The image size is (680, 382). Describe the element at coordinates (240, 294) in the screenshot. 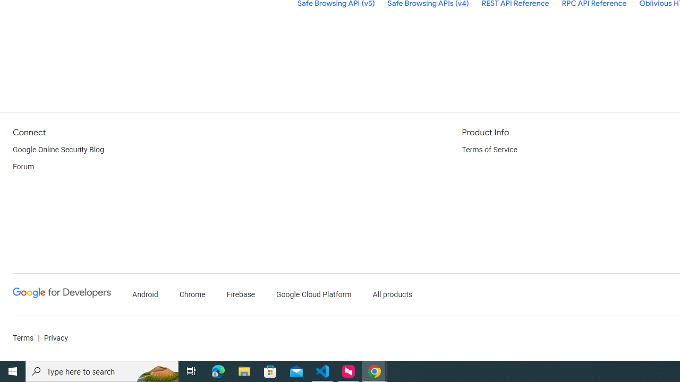

I see `'Firebase'` at that location.